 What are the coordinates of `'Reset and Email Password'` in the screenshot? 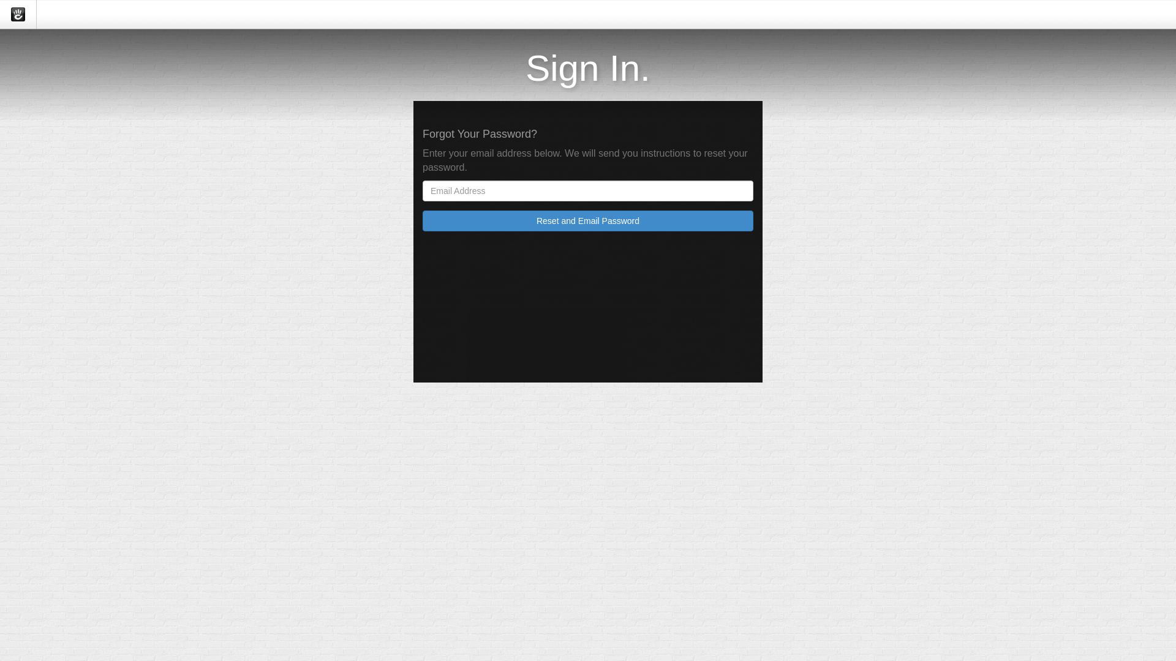 It's located at (588, 221).